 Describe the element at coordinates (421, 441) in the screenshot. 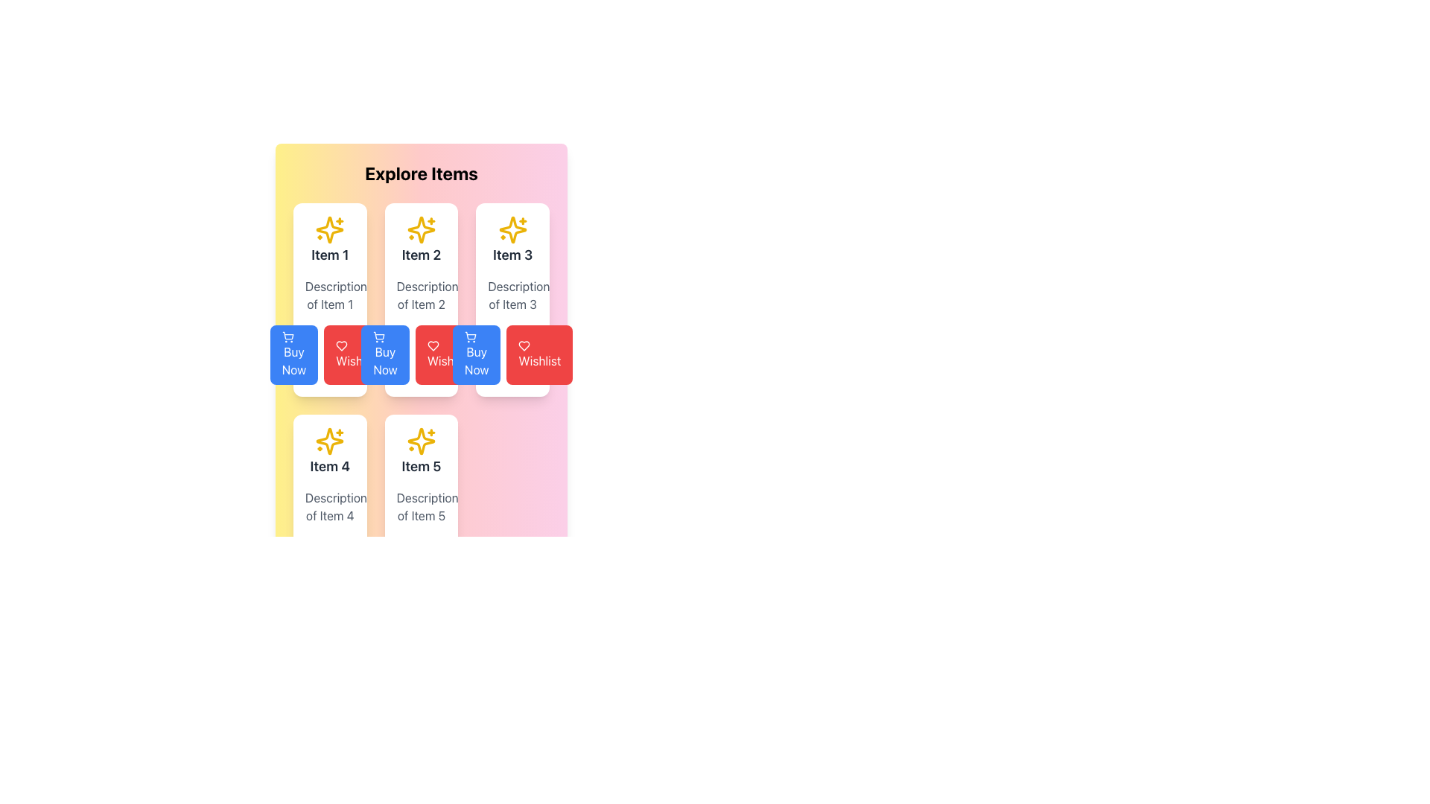

I see `the decorative icon representing 'Item 5' located in the second row, first column of the 'Explore Items' grid` at that location.